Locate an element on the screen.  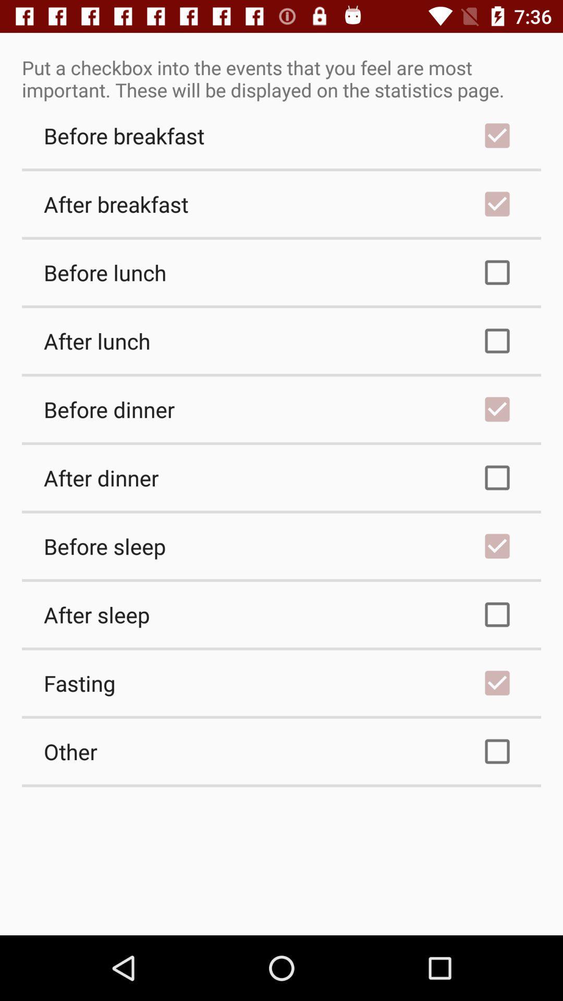
before dinner is located at coordinates (281, 409).